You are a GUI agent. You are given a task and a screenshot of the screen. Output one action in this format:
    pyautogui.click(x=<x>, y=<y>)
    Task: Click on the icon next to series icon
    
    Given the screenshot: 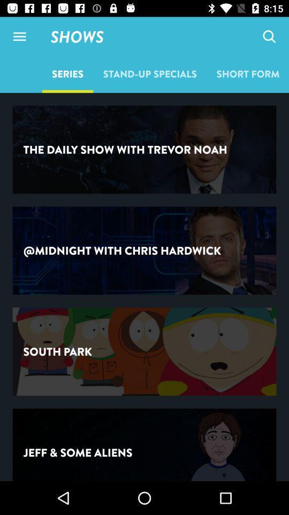 What is the action you would take?
    pyautogui.click(x=149, y=73)
    